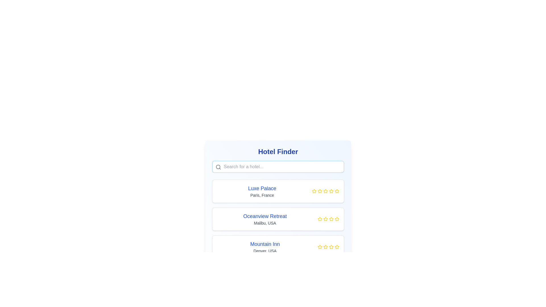 This screenshot has height=307, width=546. I want to click on the static display of the hotel rating visualization component located to the right of 'Mountain Inn' and below 'Denver, USA', so click(328, 246).